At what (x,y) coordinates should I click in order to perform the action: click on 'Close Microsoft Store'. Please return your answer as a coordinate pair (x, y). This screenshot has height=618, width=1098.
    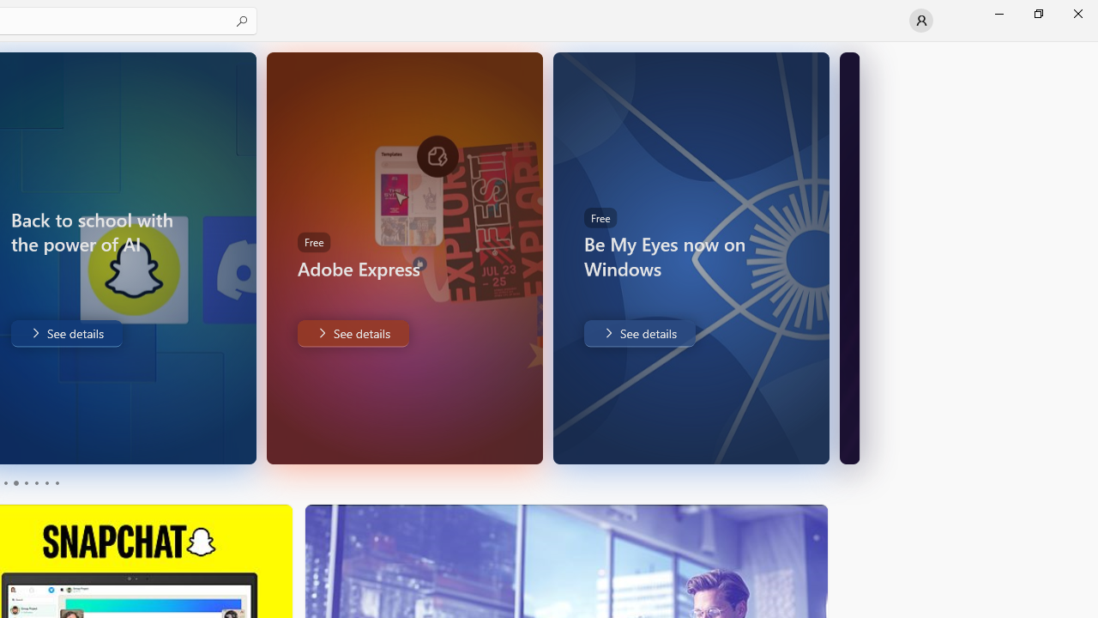
    Looking at the image, I should click on (1077, 13).